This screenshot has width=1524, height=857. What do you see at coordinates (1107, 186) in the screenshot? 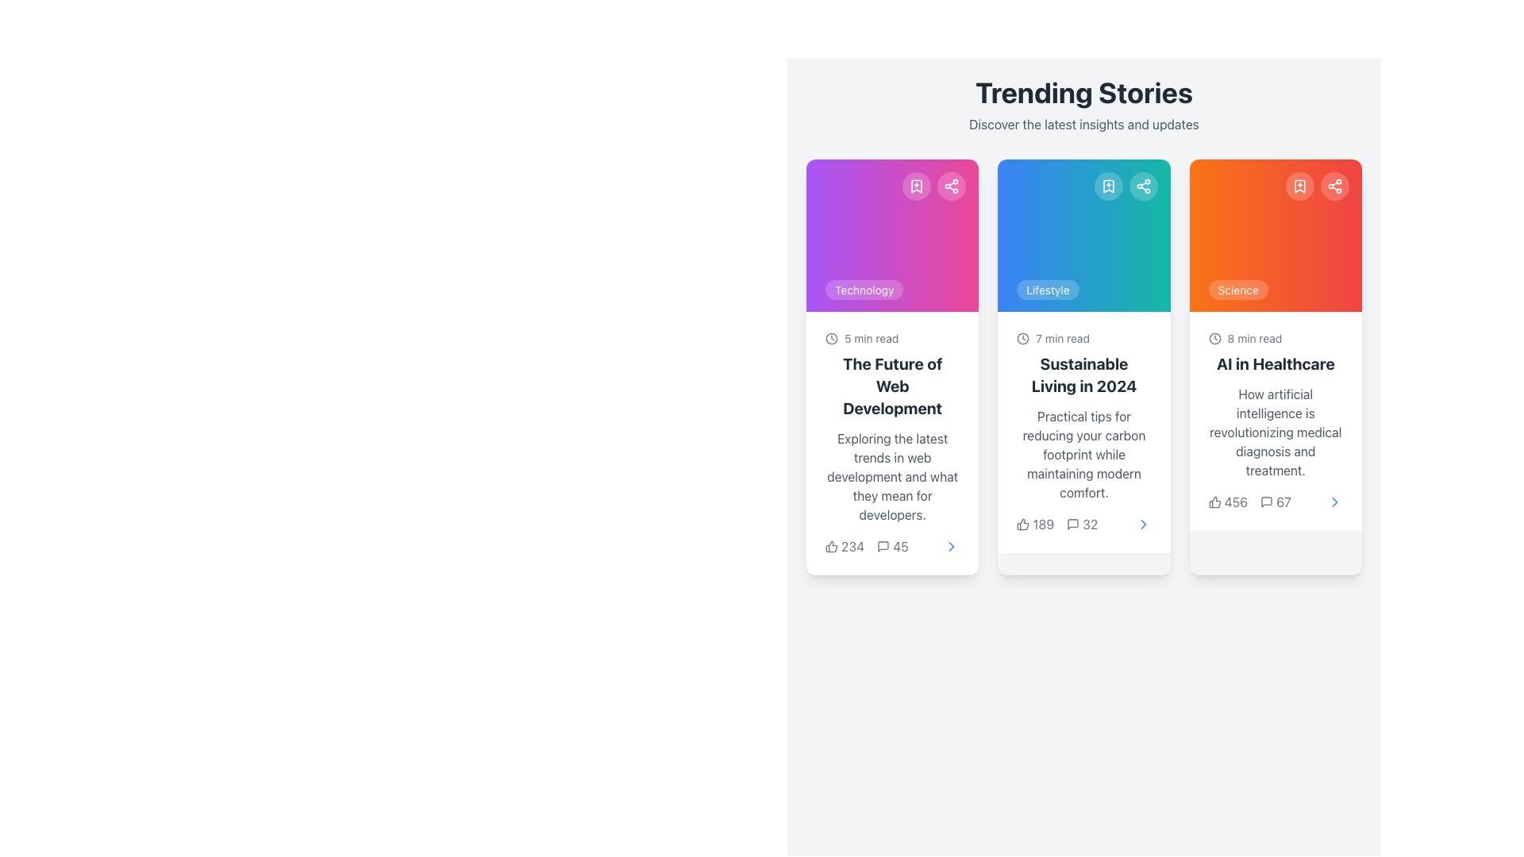
I see `the bookmark button in the top-right corner of the second card in the 'Trending Stories' section` at bounding box center [1107, 186].